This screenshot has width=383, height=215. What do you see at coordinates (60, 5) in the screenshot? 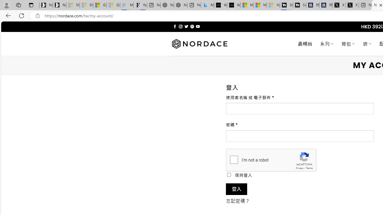
I see `'Newsletter Sign Up'` at bounding box center [60, 5].